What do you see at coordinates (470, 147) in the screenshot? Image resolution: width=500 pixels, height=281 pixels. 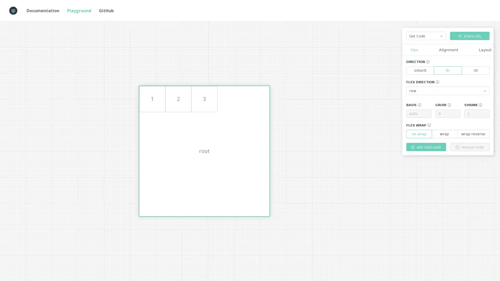 I see `remove node` at bounding box center [470, 147].